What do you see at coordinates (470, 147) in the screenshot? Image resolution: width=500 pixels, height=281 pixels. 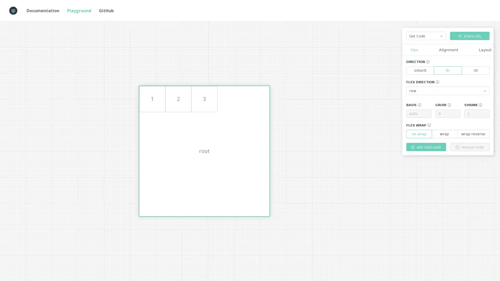 I see `remove node` at bounding box center [470, 147].